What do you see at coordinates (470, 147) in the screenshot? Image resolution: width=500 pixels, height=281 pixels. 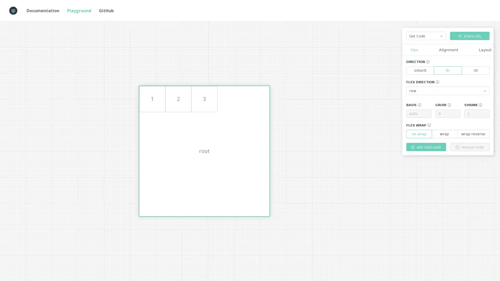 I see `remove node` at bounding box center [470, 147].